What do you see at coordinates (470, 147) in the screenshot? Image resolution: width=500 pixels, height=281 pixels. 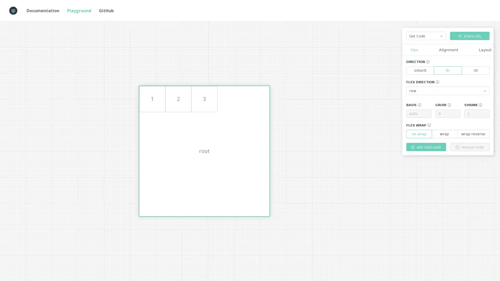 I see `remove node` at bounding box center [470, 147].